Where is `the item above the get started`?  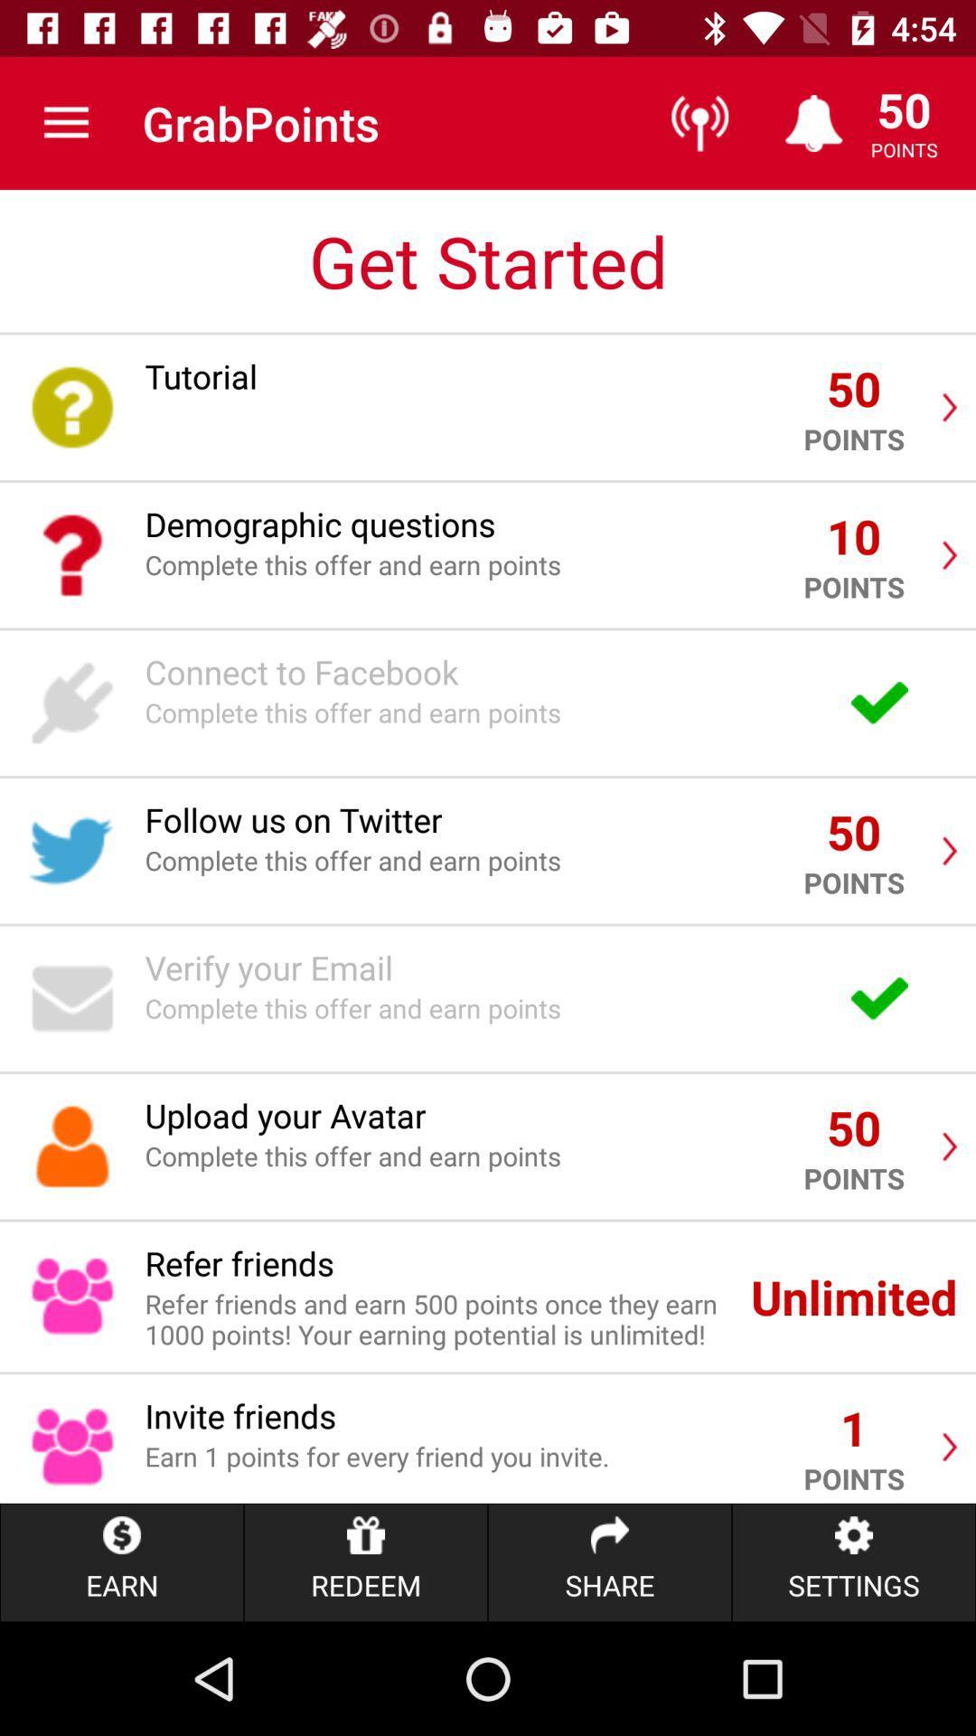 the item above the get started is located at coordinates (65, 122).